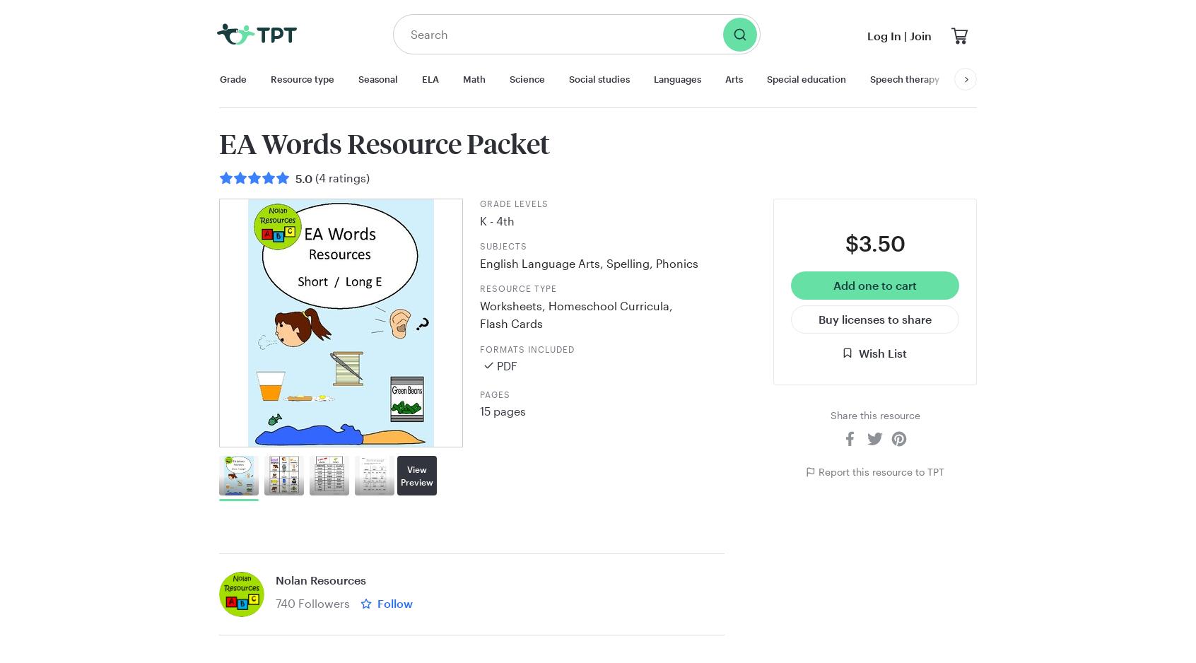 The height and width of the screenshot is (663, 1196). Describe the element at coordinates (599, 78) in the screenshot. I see `'Social studies'` at that location.